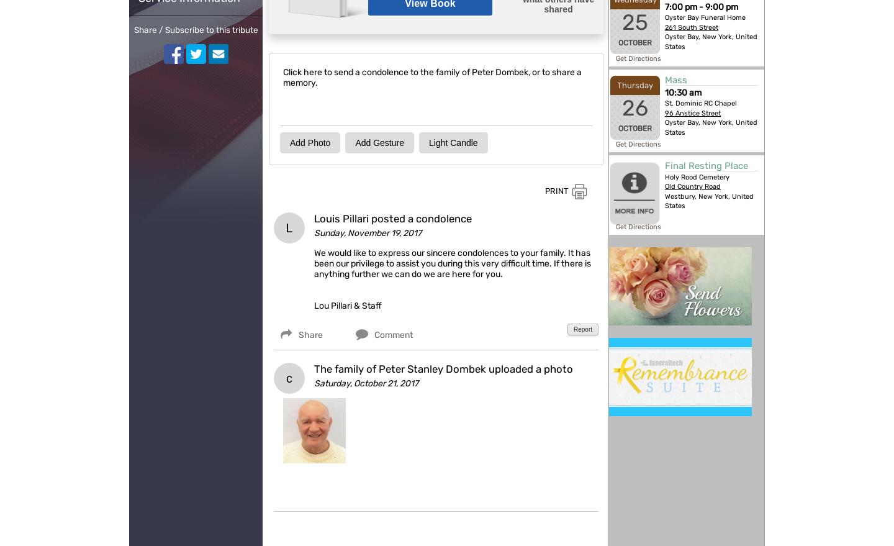  Describe the element at coordinates (682, 92) in the screenshot. I see `'10:30 am'` at that location.